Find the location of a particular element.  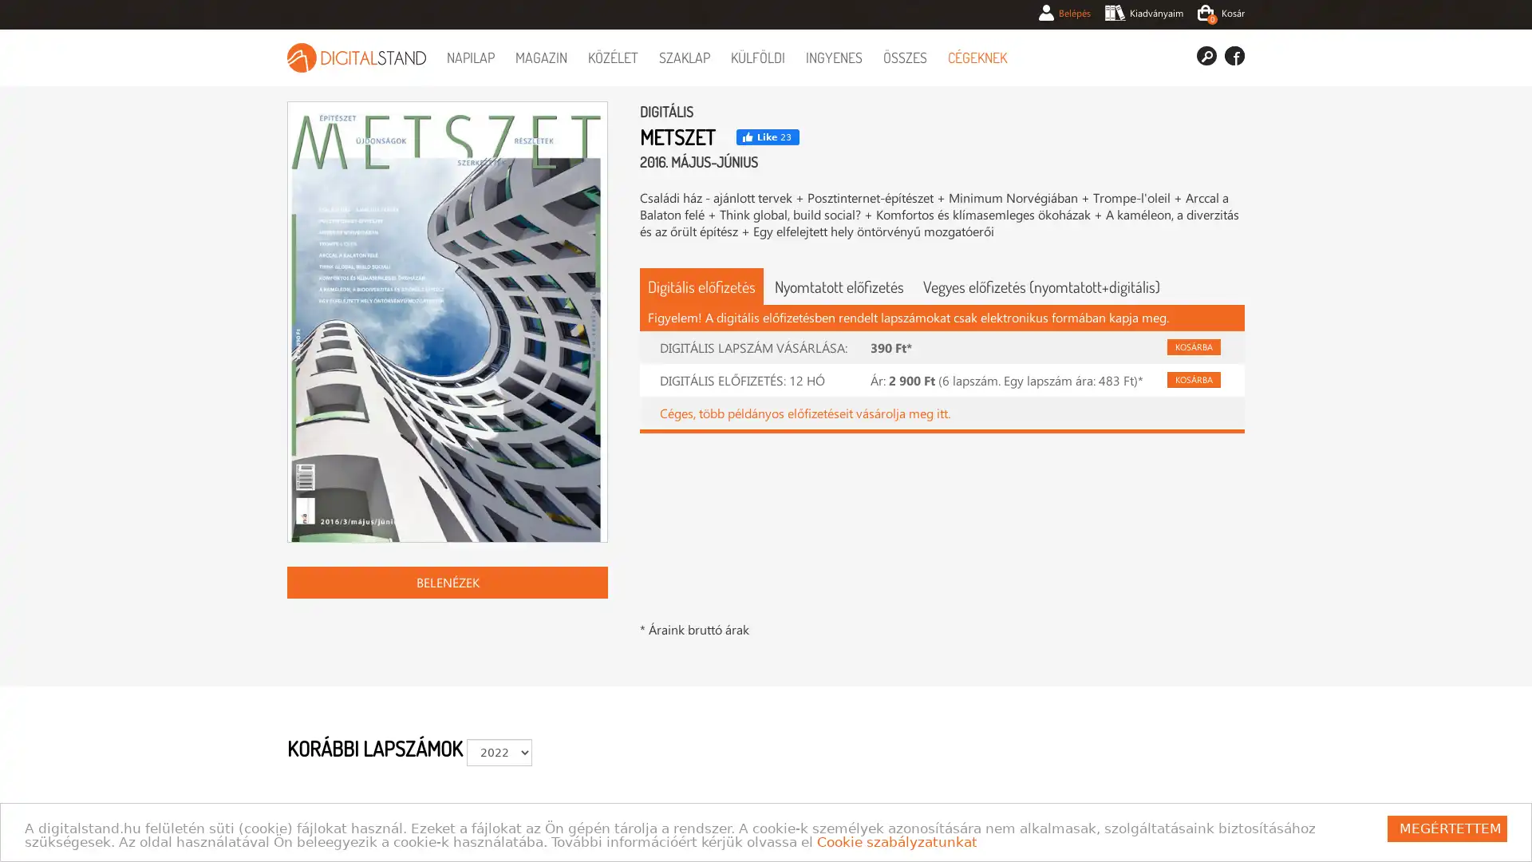

Kereses is located at coordinates (1206, 54).